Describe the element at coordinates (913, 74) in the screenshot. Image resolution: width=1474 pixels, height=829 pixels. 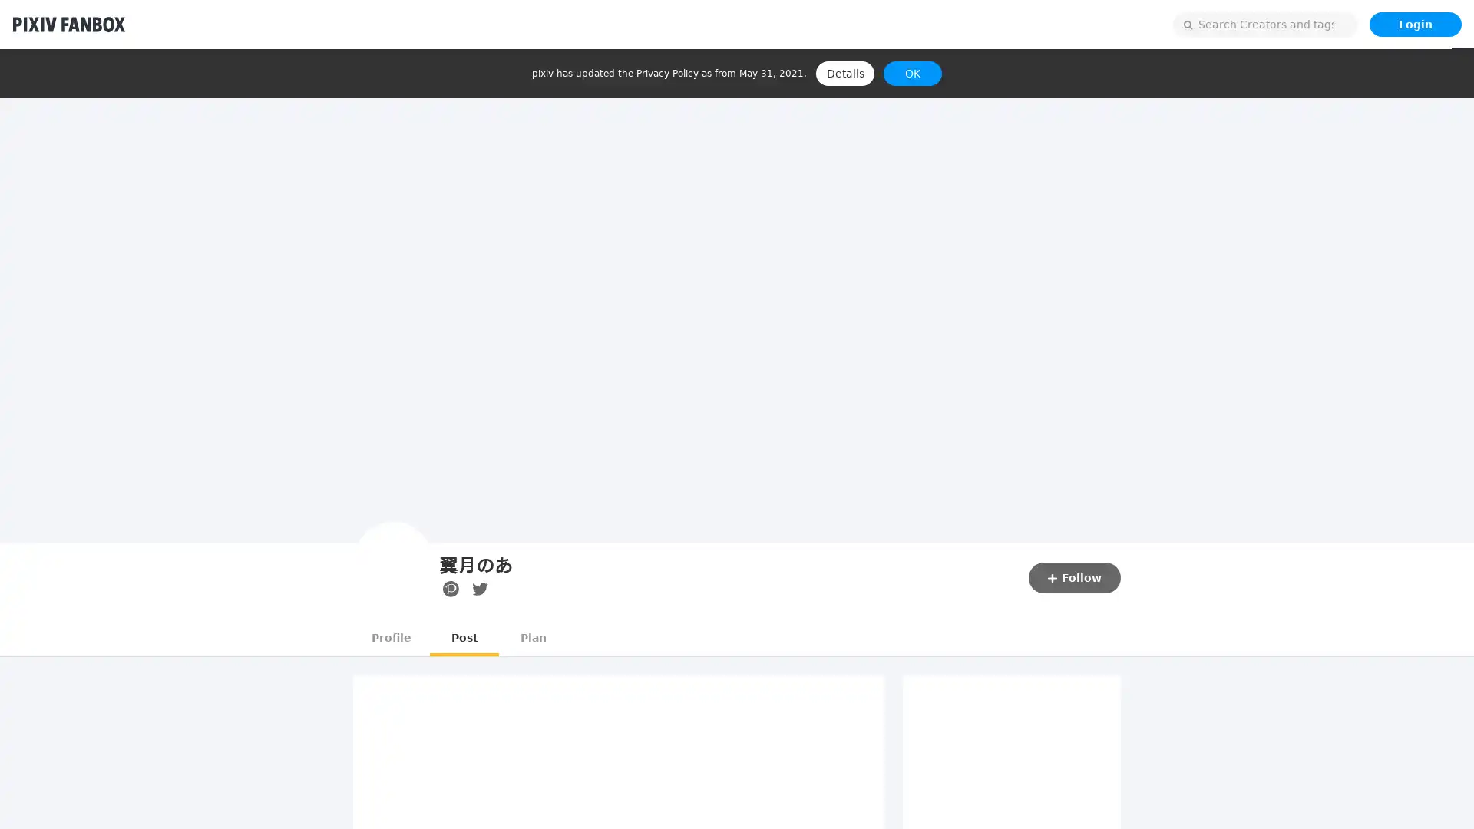
I see `OK` at that location.